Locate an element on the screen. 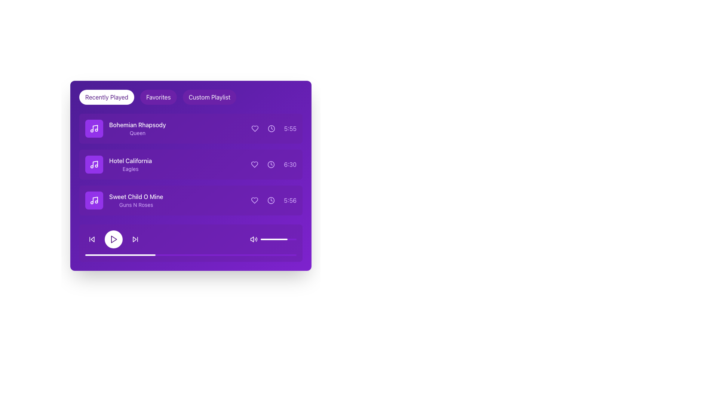  the purple button with rounded corners featuring a white music note icon, located at the top left of the section labeled 'Bohemian Rhapsody - Queen' is located at coordinates (94, 128).